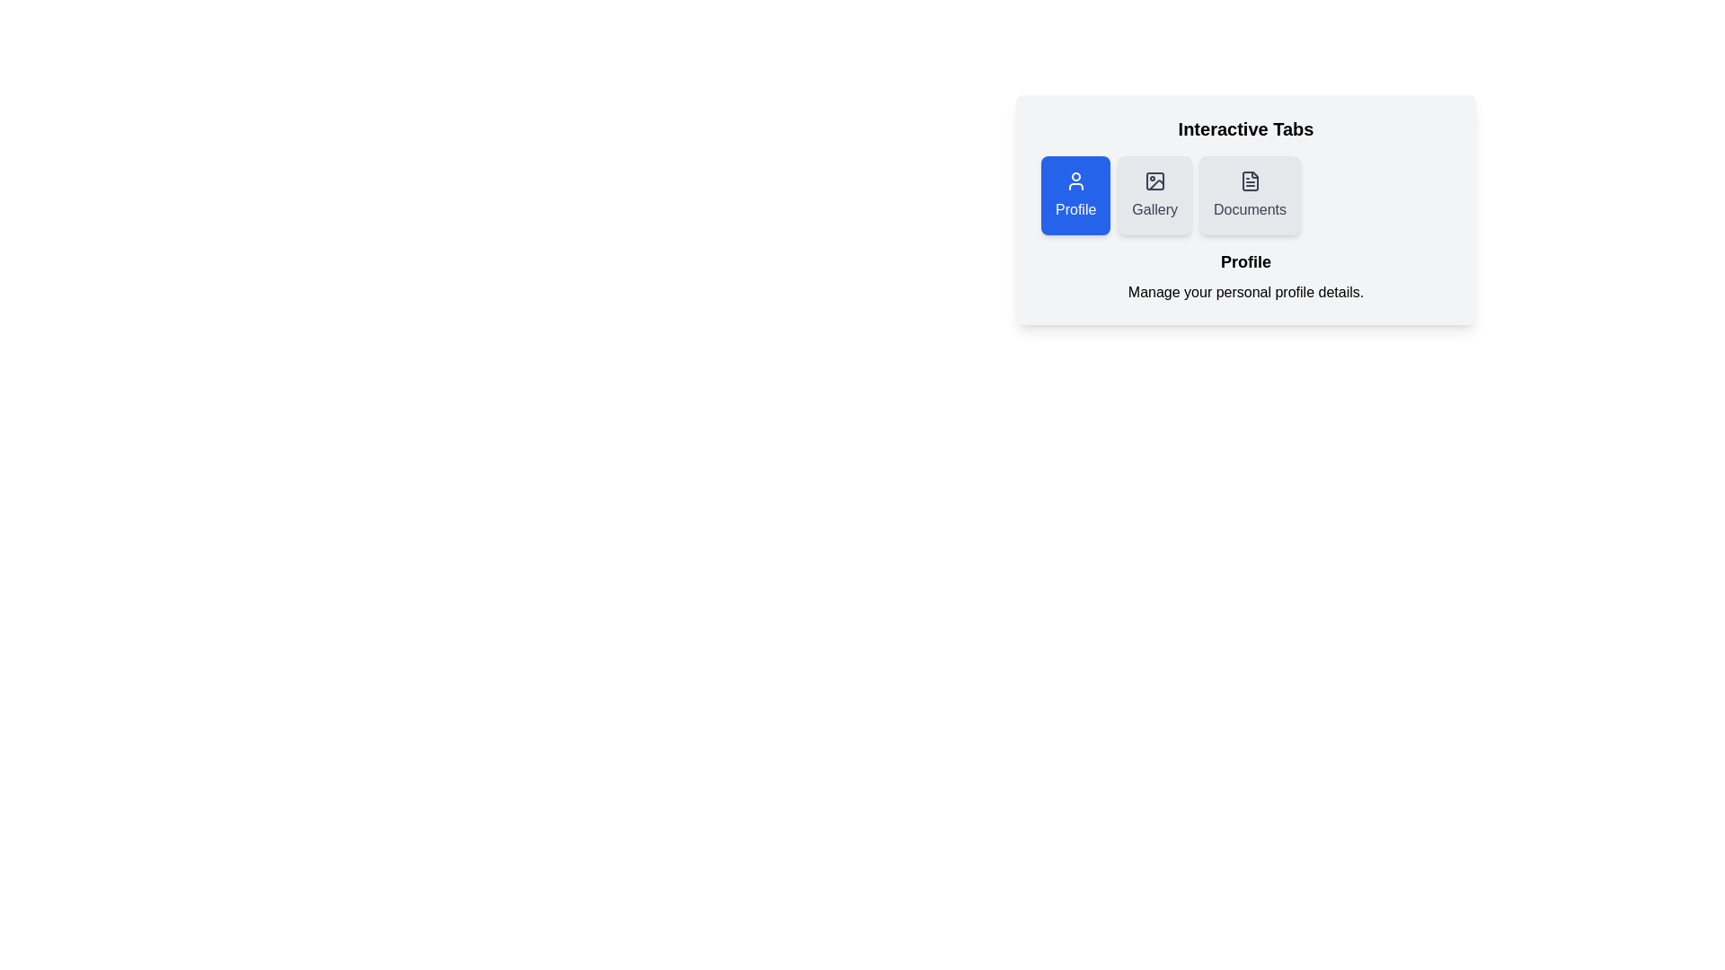 The width and height of the screenshot is (1725, 970). What do you see at coordinates (1245, 292) in the screenshot?
I see `the text 'Manage your personal profile details.' displayed below the active tab` at bounding box center [1245, 292].